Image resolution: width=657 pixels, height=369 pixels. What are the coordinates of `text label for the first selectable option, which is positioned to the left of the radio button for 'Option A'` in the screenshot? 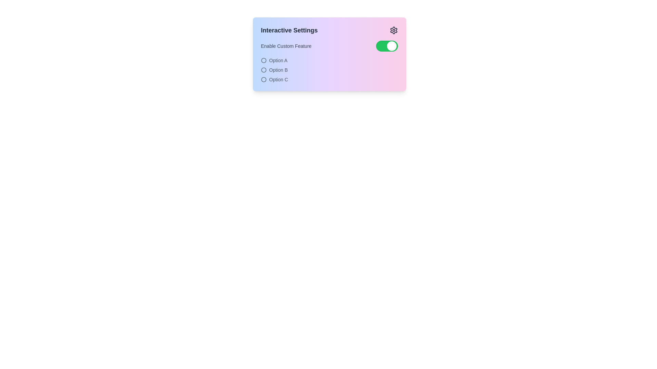 It's located at (278, 60).